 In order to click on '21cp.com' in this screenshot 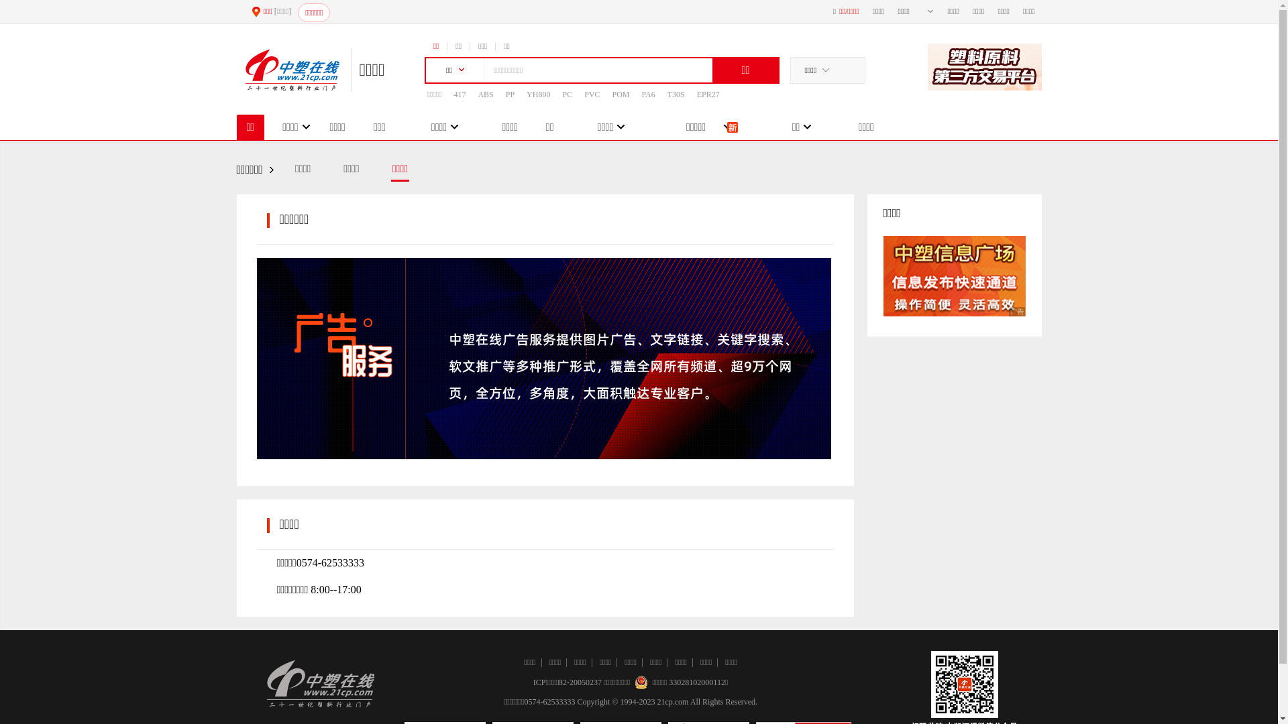, I will do `click(672, 701)`.